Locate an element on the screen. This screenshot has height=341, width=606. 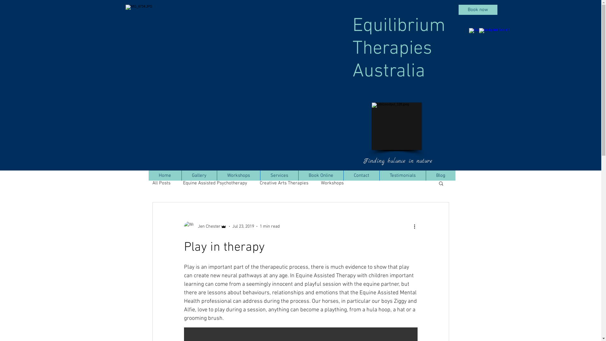
'Contact' is located at coordinates (361, 175).